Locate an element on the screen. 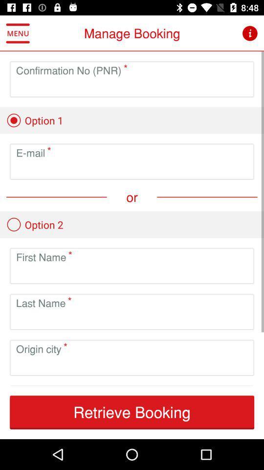 Image resolution: width=264 pixels, height=470 pixels. first name space is located at coordinates (132, 274).